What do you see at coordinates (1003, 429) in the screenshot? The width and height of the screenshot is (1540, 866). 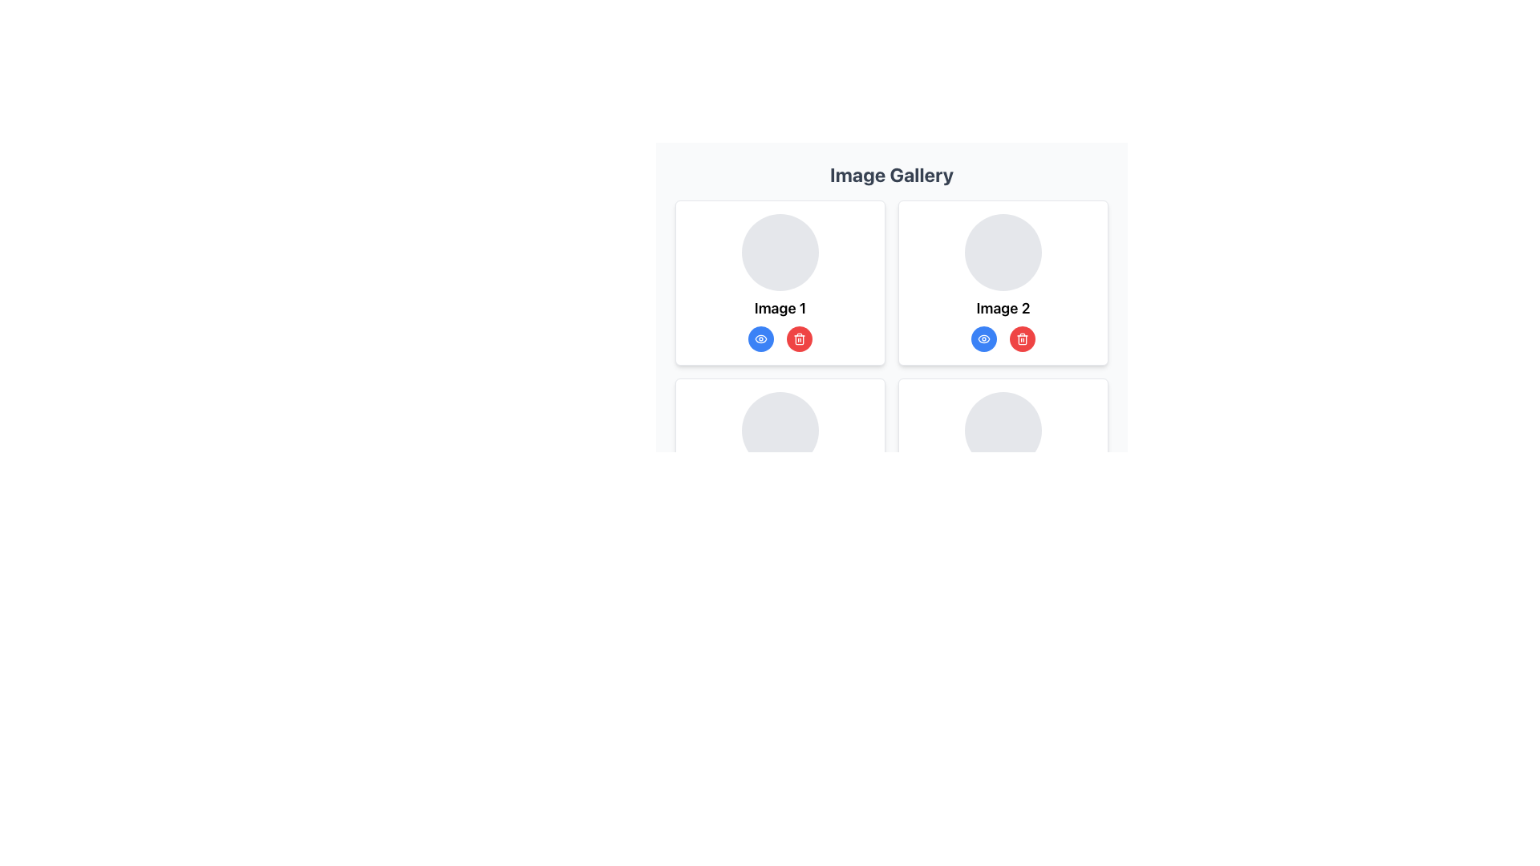 I see `the circular placeholder or avatar component located at the top-center of the 'Image 4' card, which has a light-gray background and smooth border` at bounding box center [1003, 429].